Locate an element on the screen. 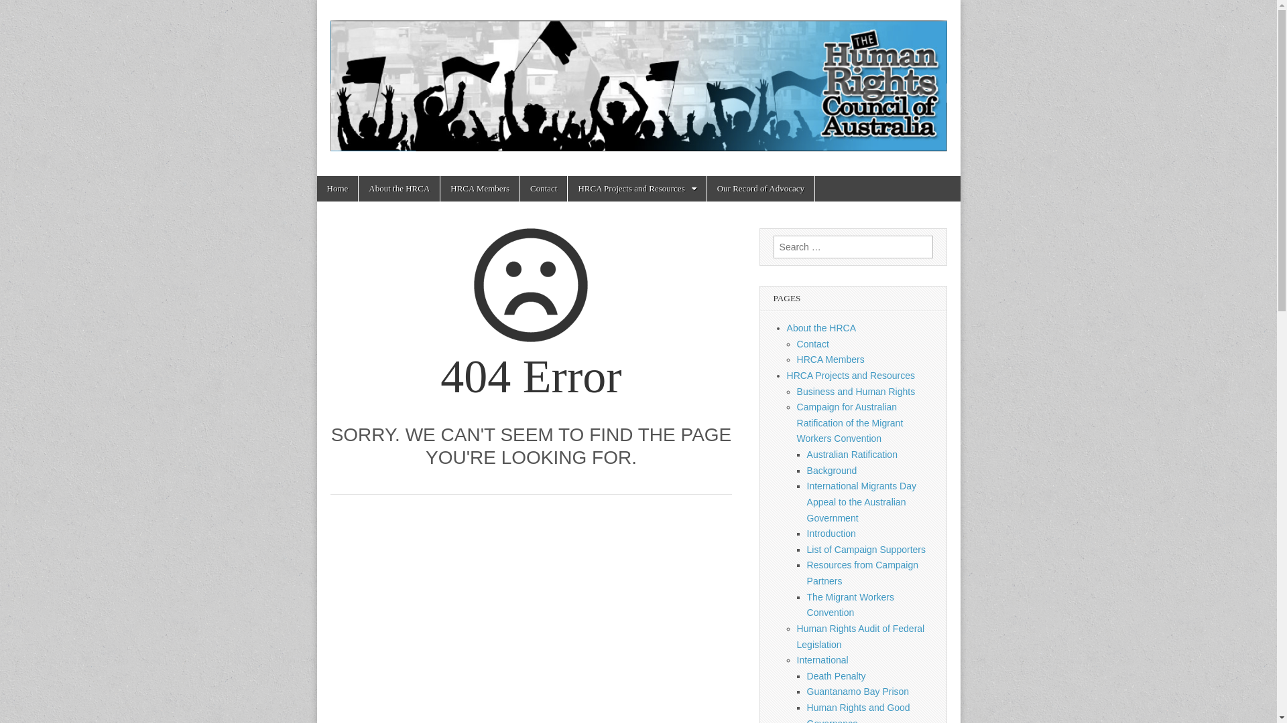  'HRCA Members' is located at coordinates (830, 358).